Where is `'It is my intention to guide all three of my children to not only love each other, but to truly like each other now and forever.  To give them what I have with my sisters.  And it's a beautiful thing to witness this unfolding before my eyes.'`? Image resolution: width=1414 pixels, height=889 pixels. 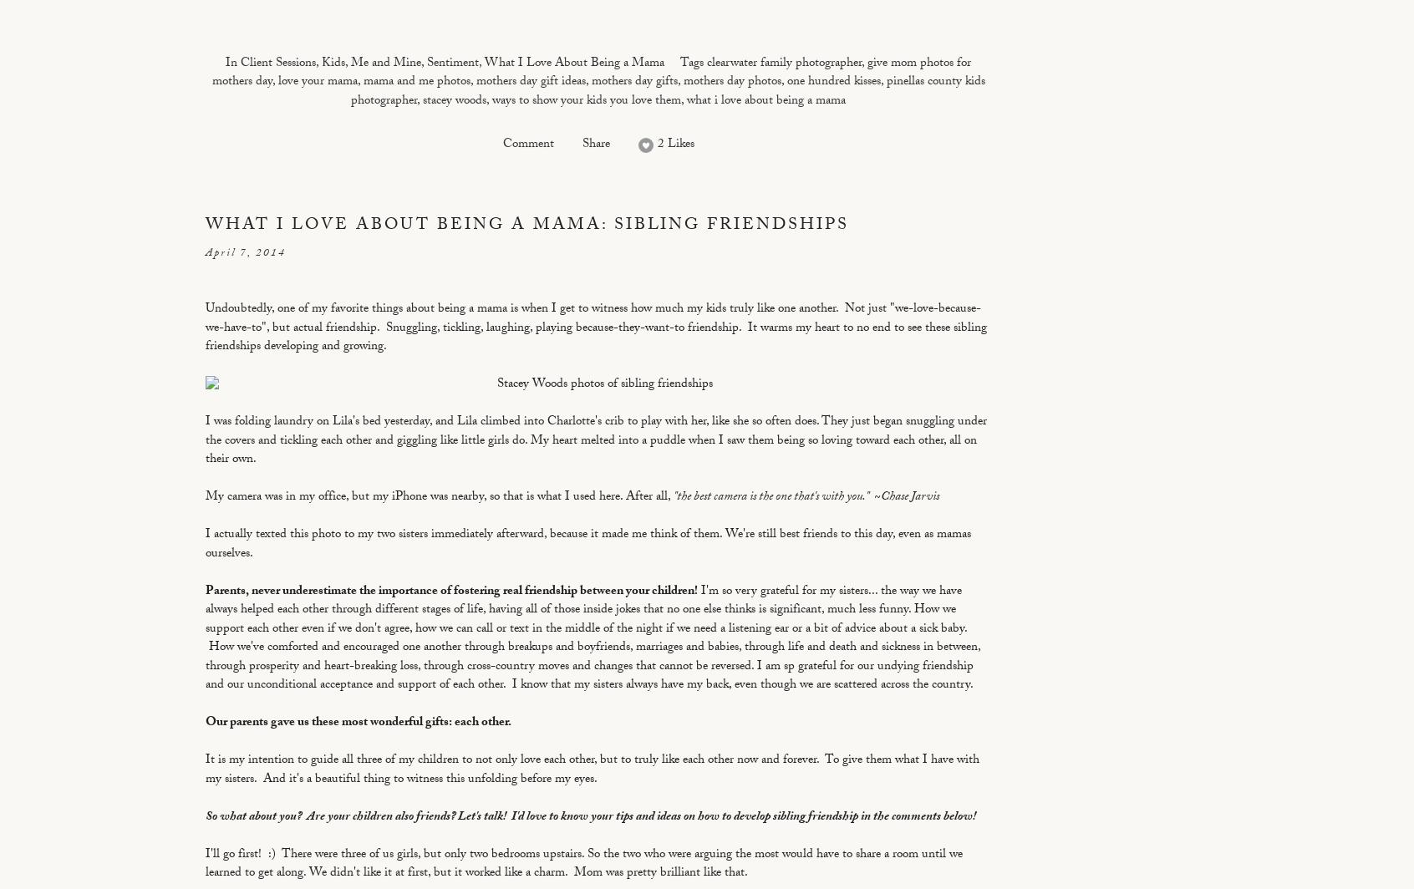
'It is my intention to guide all three of my children to not only love each other, but to truly like each other now and forever.  To give them what I have with my sisters.  And it's a beautiful thing to witness this unfolding before my eyes.' is located at coordinates (206, 770).